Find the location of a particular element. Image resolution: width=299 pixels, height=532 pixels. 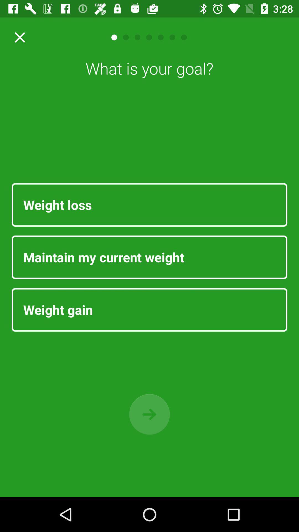

go next is located at coordinates (149, 414).